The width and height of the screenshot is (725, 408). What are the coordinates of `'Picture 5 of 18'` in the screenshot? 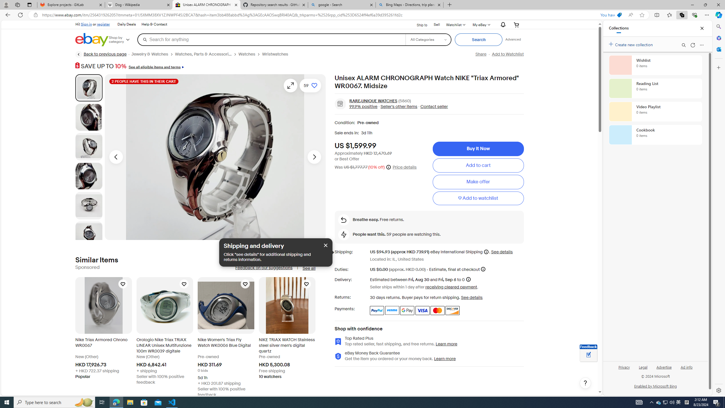 It's located at (89, 205).